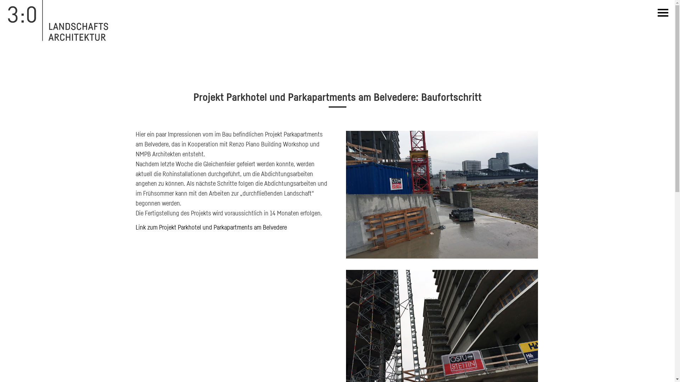 The width and height of the screenshot is (680, 382). What do you see at coordinates (210, 227) in the screenshot?
I see `'Link zum Projekt Parkhotel und Parkapartments am Belvedere'` at bounding box center [210, 227].